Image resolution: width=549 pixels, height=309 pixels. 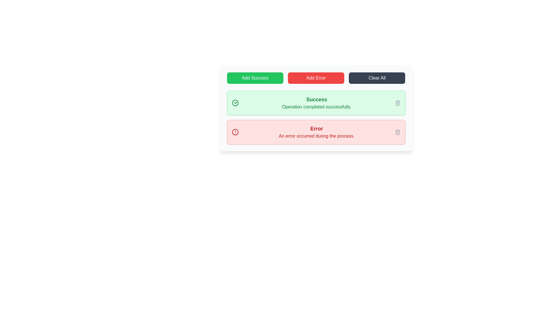 What do you see at coordinates (316, 132) in the screenshot?
I see `error message from the notification box that has a bold, red title labeled 'Error' and a smaller line stating 'An error occurred during the process.'` at bounding box center [316, 132].